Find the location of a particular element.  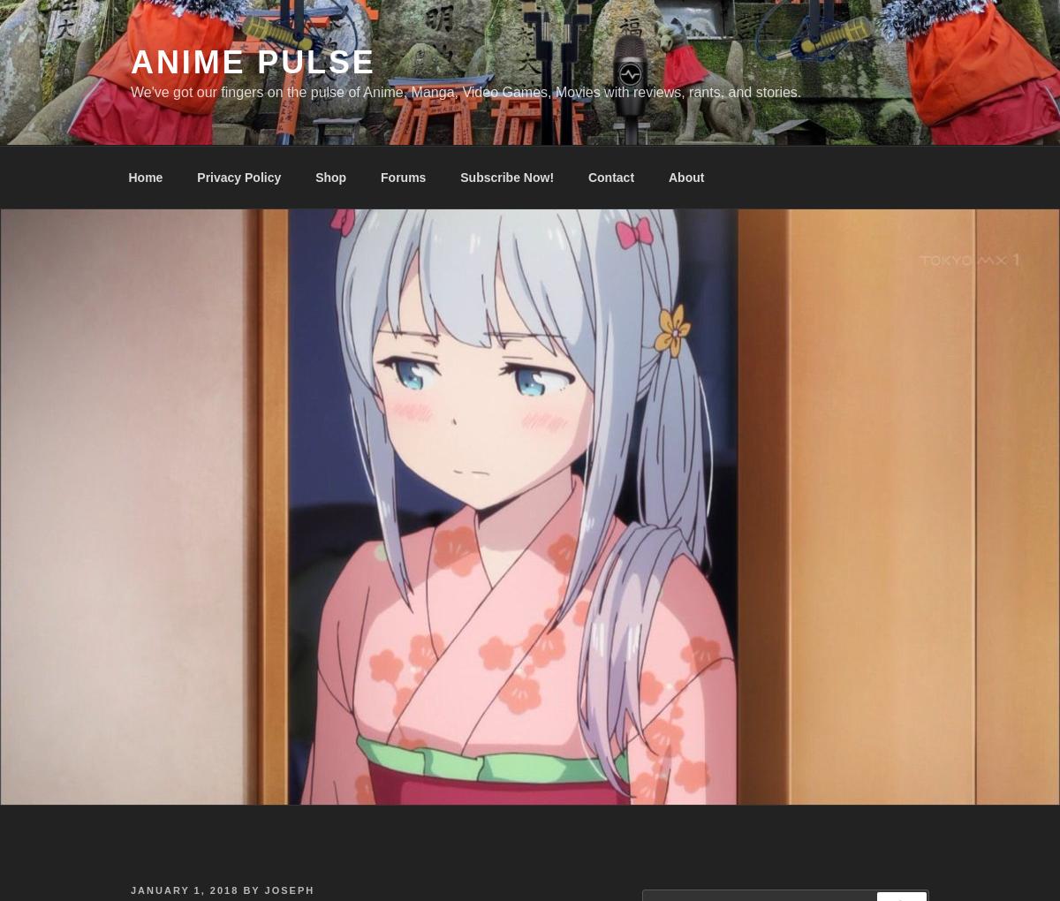

'About' is located at coordinates (685, 176).